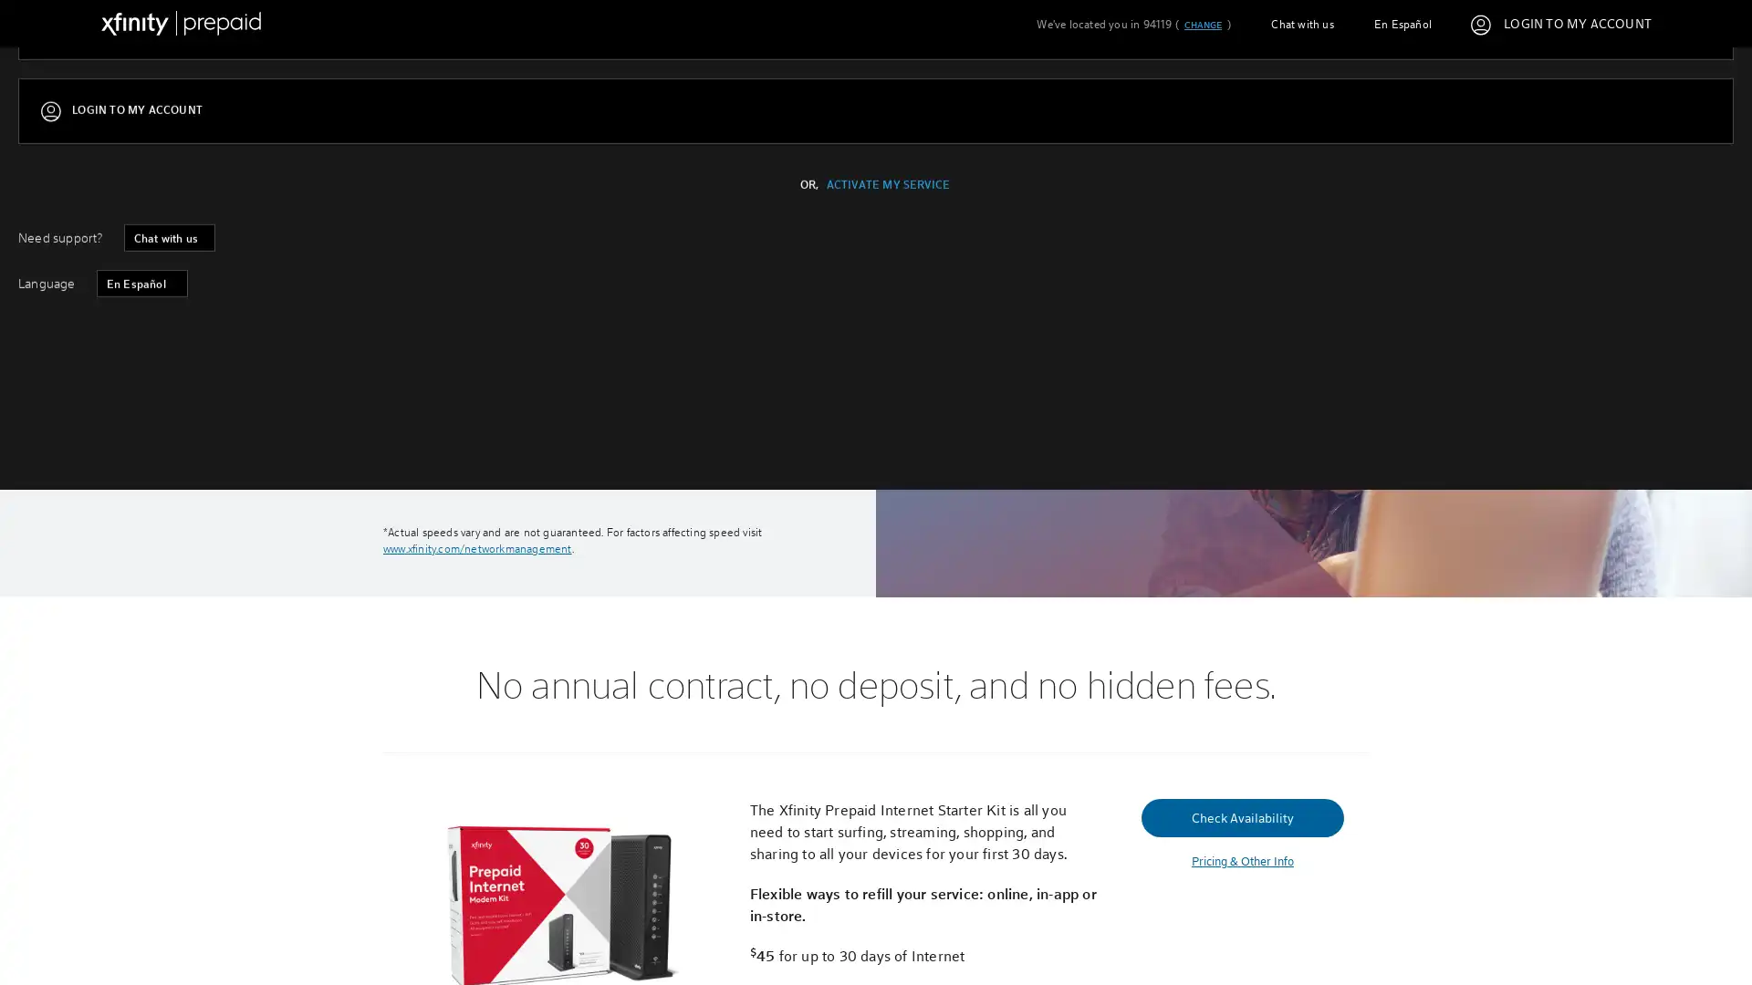  I want to click on Check Availability, so click(1241, 815).